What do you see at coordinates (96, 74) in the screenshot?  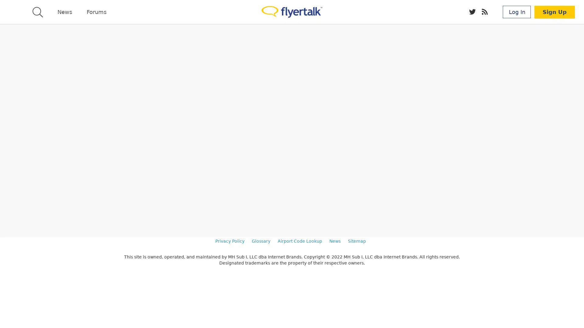 I see `Browse by: Loyalty Programs & Groups    Hotel Brand    Hotel Category` at bounding box center [96, 74].